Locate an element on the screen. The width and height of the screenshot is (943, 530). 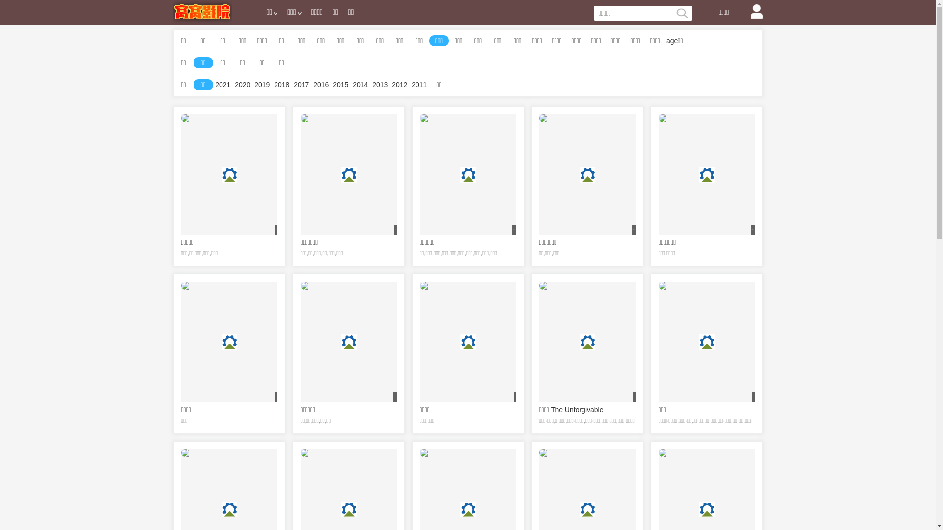
'2016' is located at coordinates (321, 84).